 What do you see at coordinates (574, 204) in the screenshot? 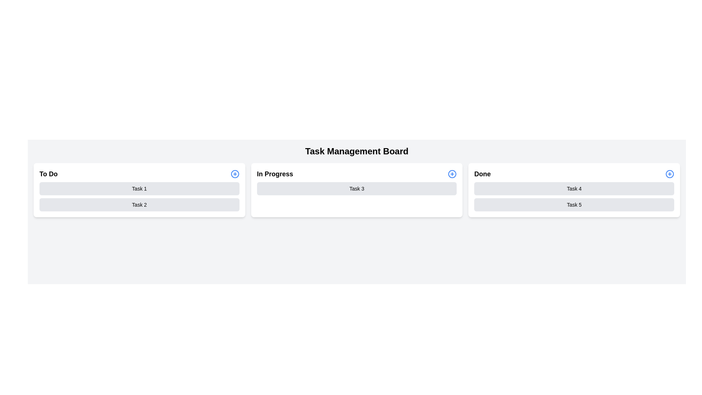
I see `the 'Task 5' element, which is a rectangular box with rounded corners in the 'Done' column of the task management interface` at bounding box center [574, 204].